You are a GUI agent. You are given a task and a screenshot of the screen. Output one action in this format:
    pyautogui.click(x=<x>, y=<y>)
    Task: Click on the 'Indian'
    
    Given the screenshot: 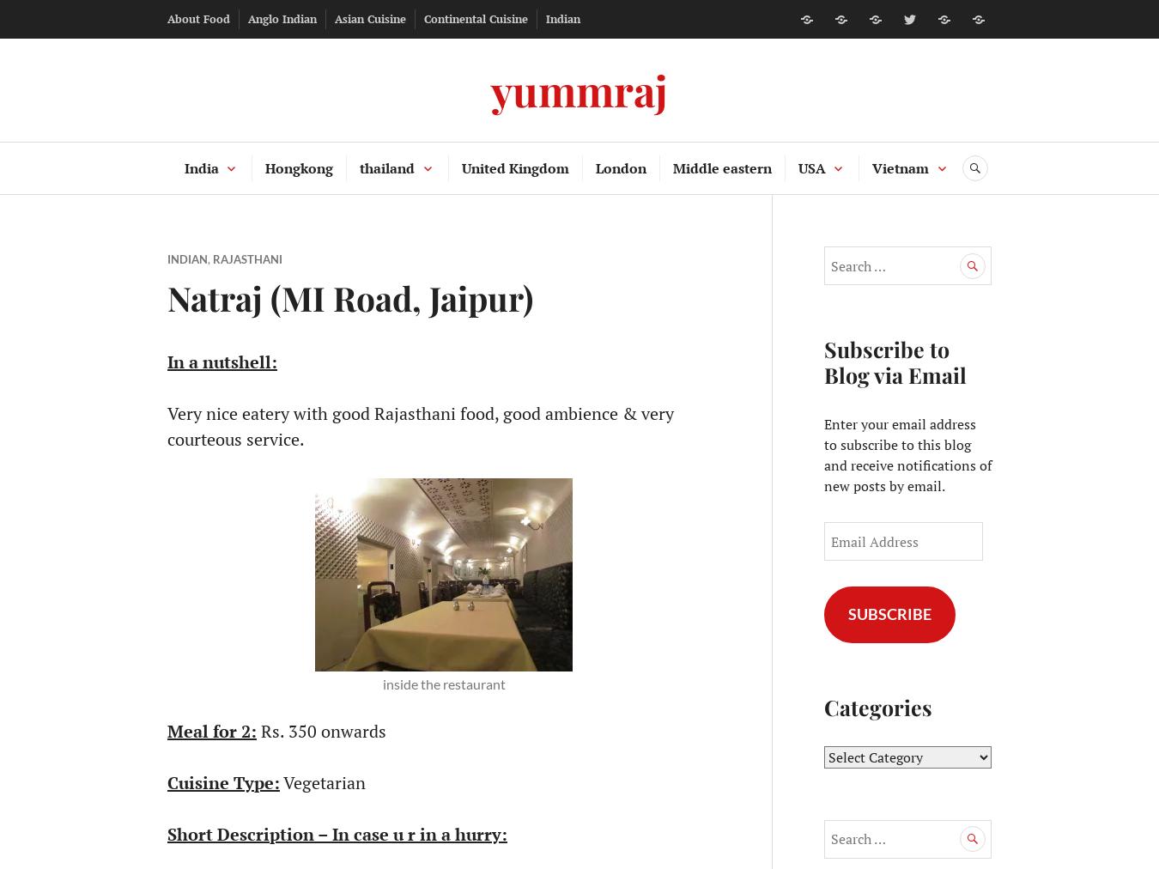 What is the action you would take?
    pyautogui.click(x=562, y=17)
    